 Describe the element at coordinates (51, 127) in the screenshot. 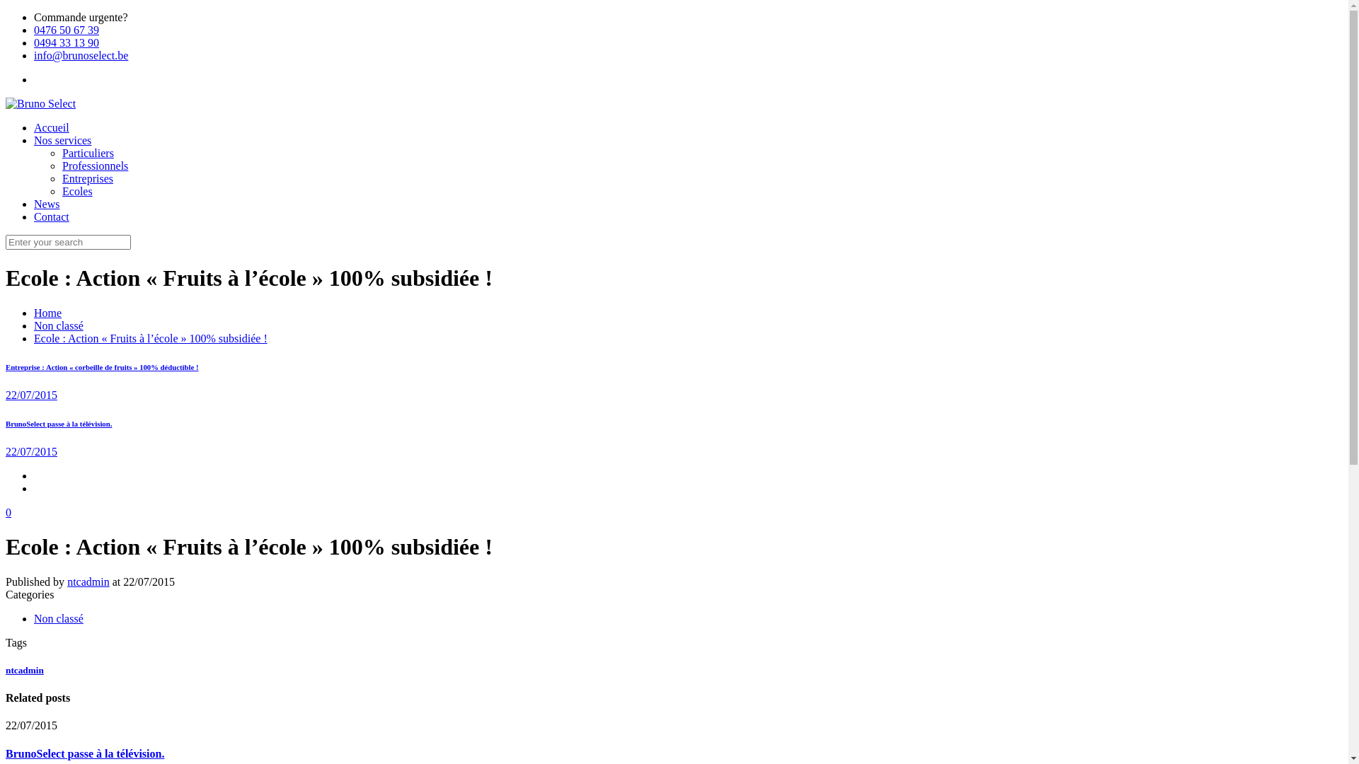

I see `'Accueil'` at that location.